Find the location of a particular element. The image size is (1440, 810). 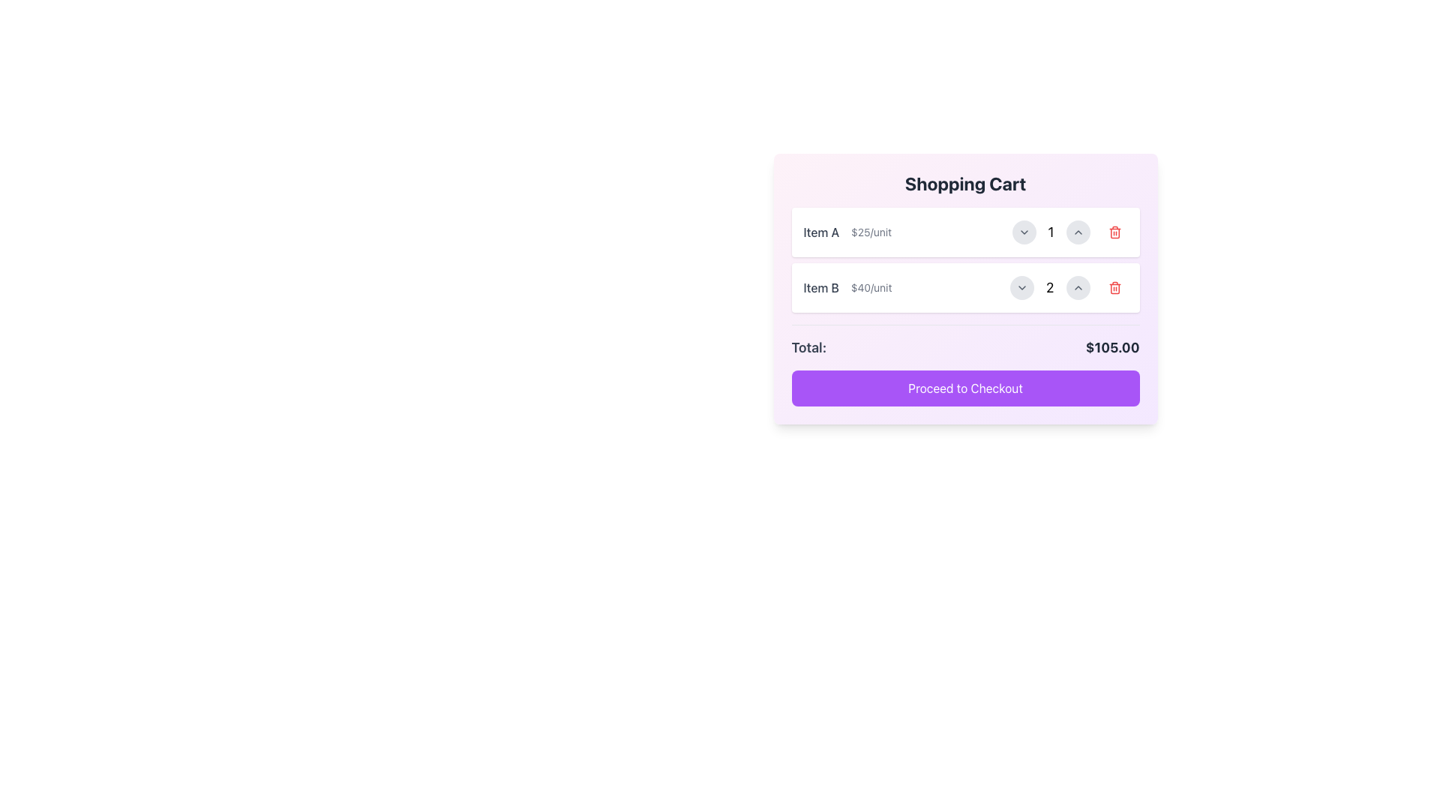

the text label displaying '$25/unit' that is positioned to the right of 'Item A' in the shopping cart interface is located at coordinates (871, 232).